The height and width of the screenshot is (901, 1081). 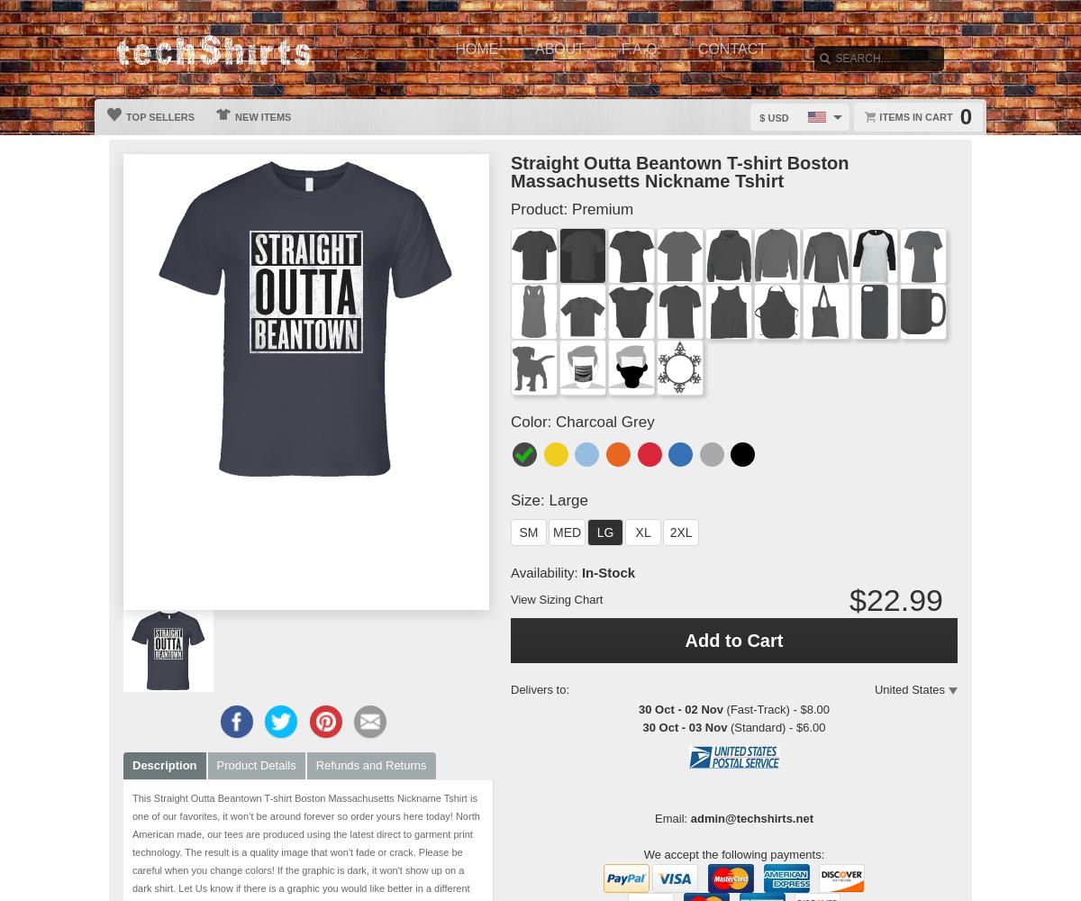 What do you see at coordinates (604, 532) in the screenshot?
I see `'LG'` at bounding box center [604, 532].